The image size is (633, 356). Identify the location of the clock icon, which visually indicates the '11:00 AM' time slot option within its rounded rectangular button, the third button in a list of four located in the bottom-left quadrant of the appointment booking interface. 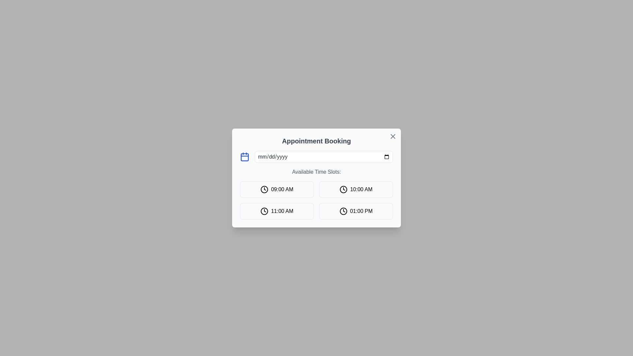
(264, 211).